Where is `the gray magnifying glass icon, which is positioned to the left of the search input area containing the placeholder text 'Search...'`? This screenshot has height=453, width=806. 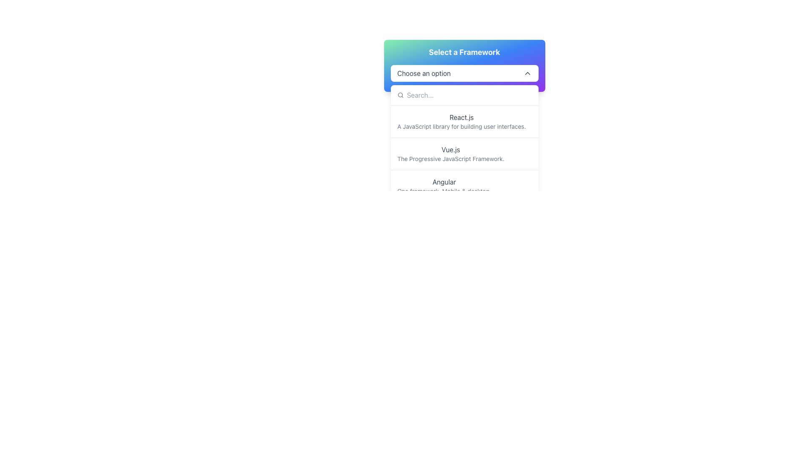 the gray magnifying glass icon, which is positioned to the left of the search input area containing the placeholder text 'Search...' is located at coordinates (400, 95).